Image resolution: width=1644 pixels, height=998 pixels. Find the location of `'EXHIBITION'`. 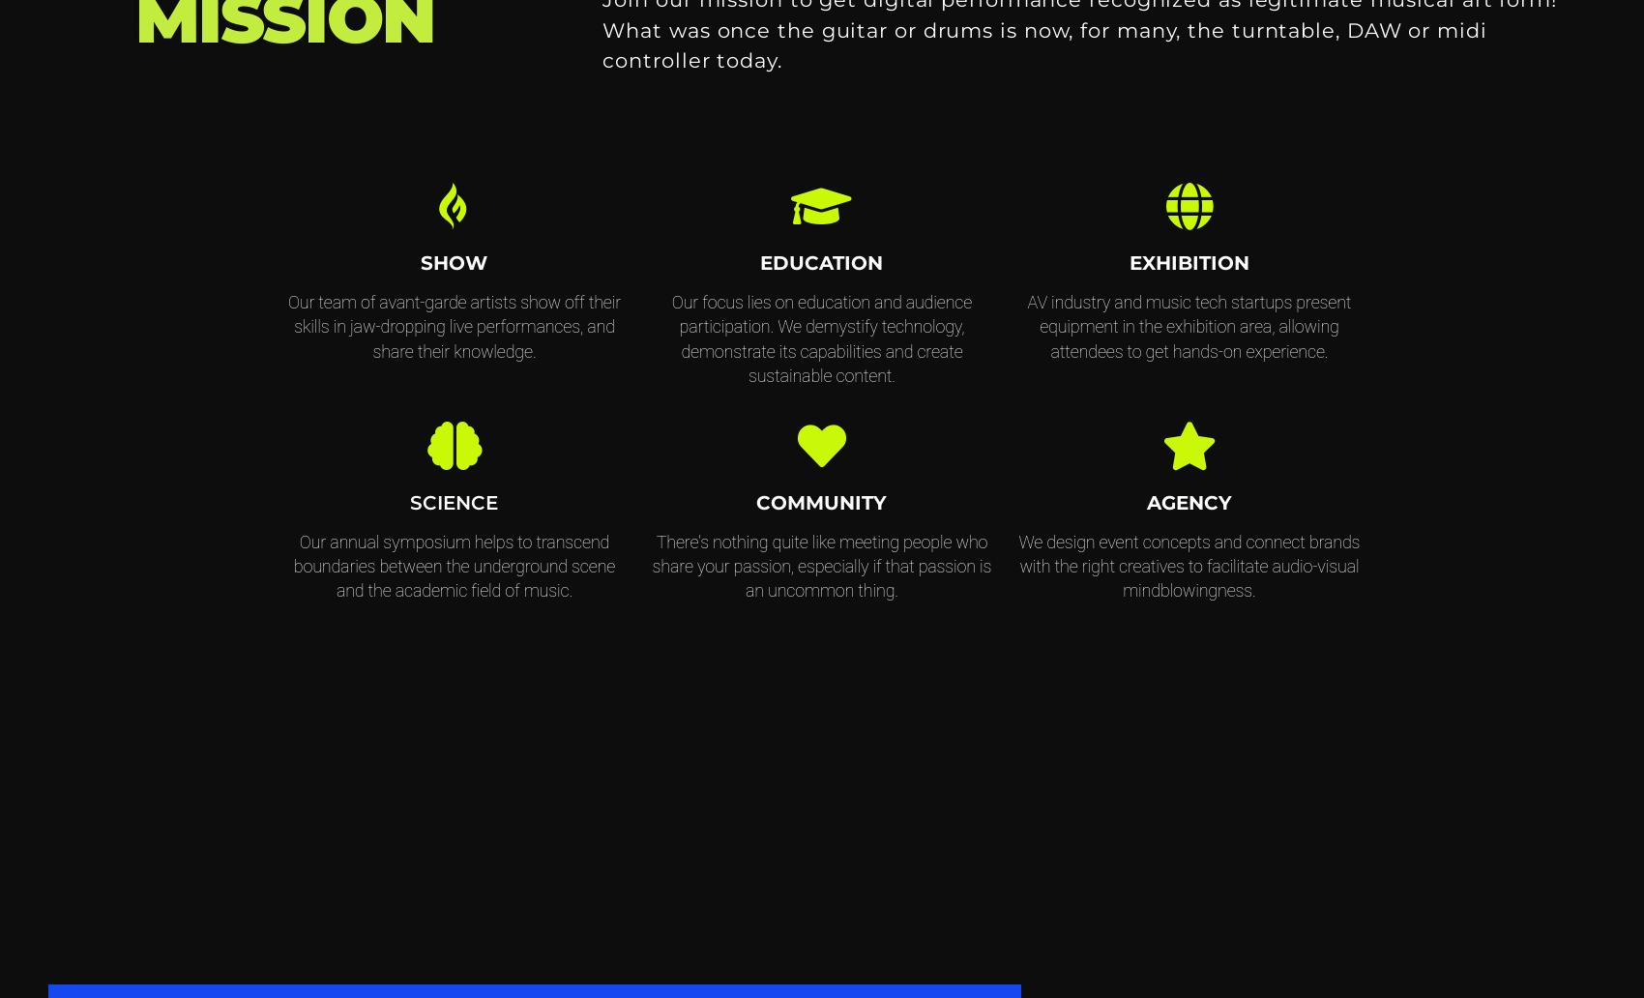

'EXHIBITION' is located at coordinates (1187, 263).